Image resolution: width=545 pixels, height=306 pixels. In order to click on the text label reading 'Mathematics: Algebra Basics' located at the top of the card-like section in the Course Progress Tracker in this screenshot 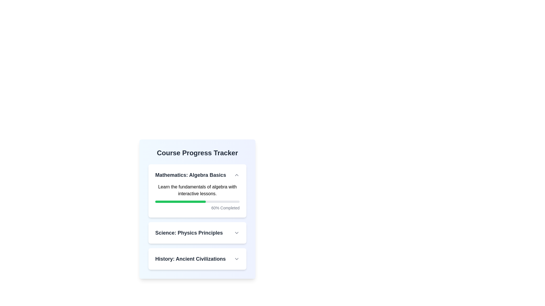, I will do `click(190, 175)`.